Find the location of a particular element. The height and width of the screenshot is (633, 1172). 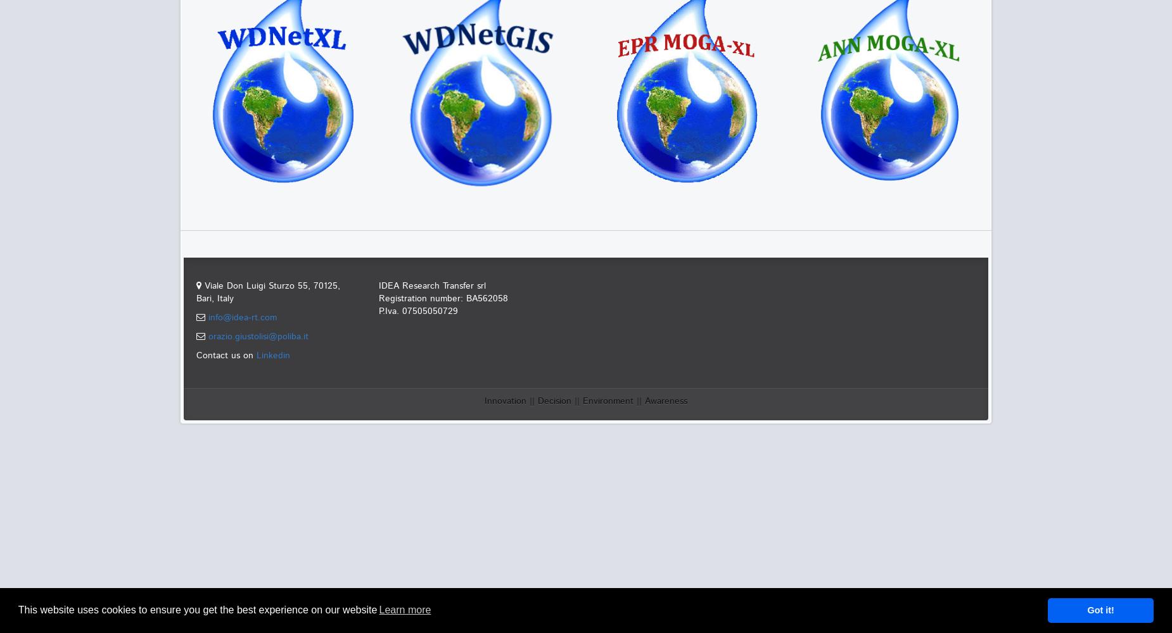

'Innovation || Decision || Environment || Awareness' is located at coordinates (586, 401).